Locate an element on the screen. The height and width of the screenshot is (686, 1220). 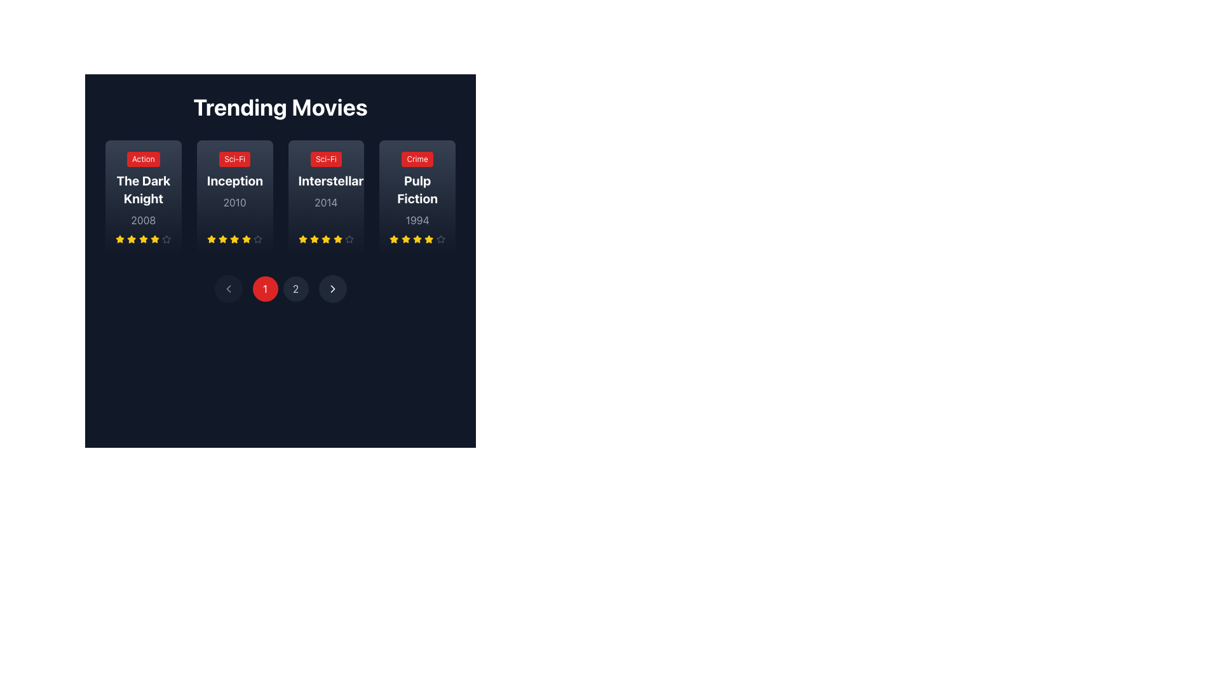
the fourth movie information card in the 'Trending Movies' section, which displays the movie's genre, title, and release year is located at coordinates (417, 189).